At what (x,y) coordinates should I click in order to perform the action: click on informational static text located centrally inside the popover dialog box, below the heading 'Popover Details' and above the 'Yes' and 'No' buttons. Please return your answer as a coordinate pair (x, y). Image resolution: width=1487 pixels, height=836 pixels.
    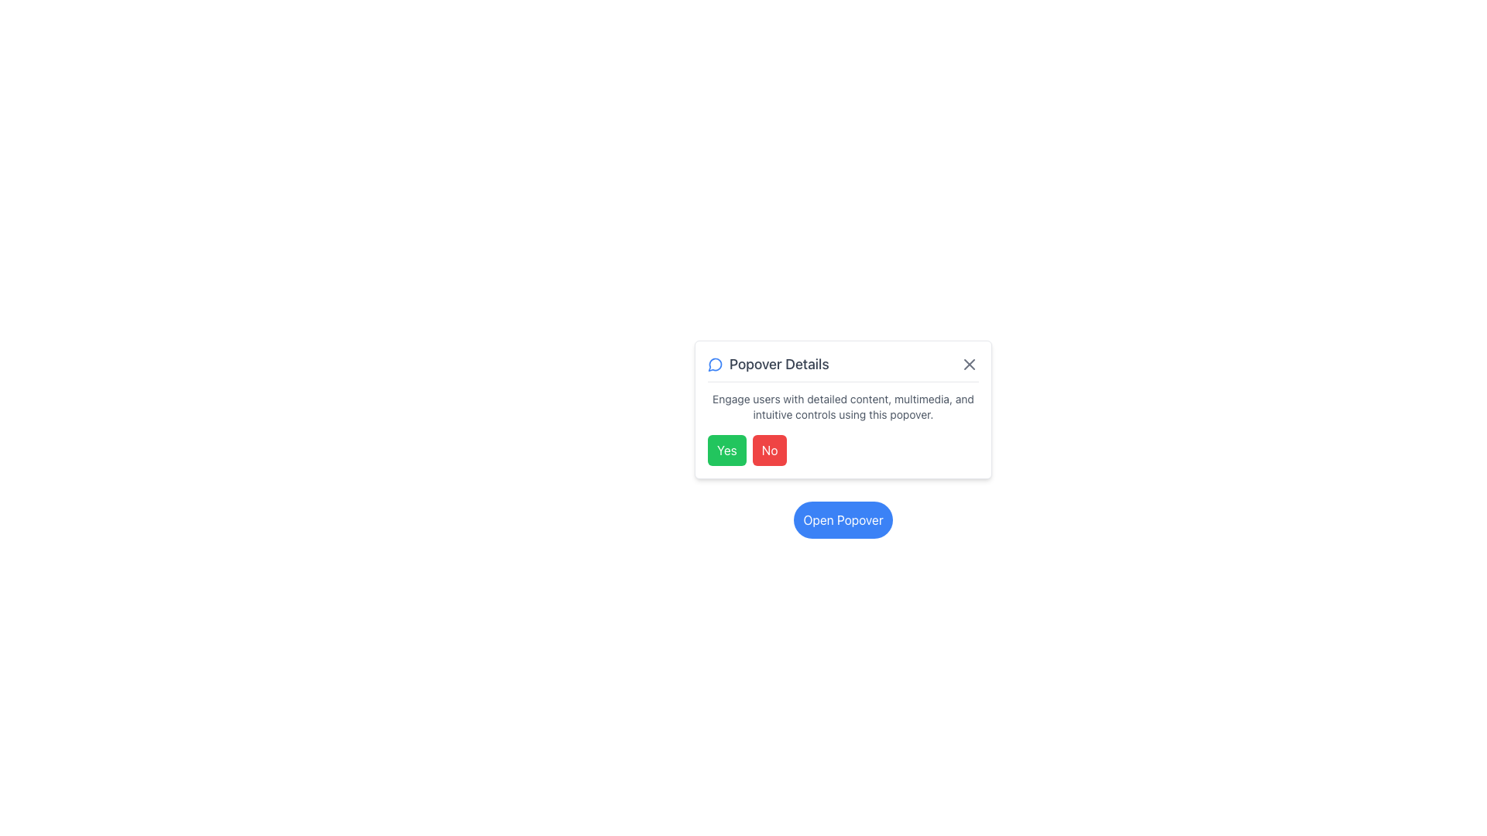
    Looking at the image, I should click on (843, 406).